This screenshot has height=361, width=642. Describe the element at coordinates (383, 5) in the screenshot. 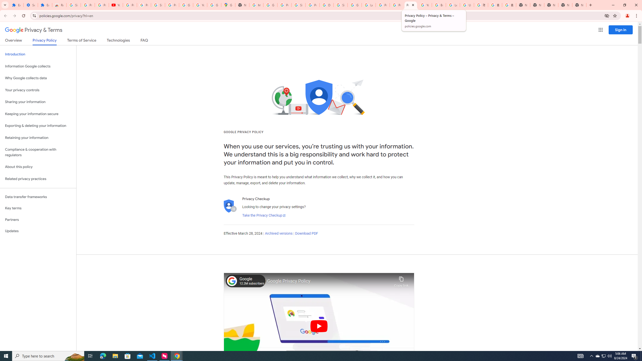

I see `'Privacy Help Center - Policies Help'` at that location.